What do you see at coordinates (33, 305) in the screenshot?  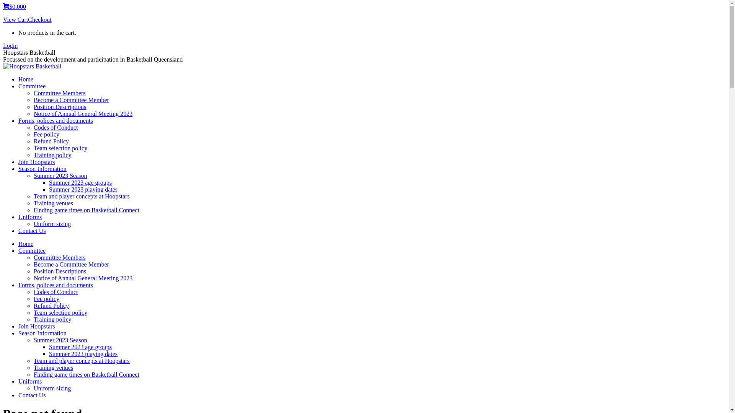 I see `'Refund Policy'` at bounding box center [33, 305].